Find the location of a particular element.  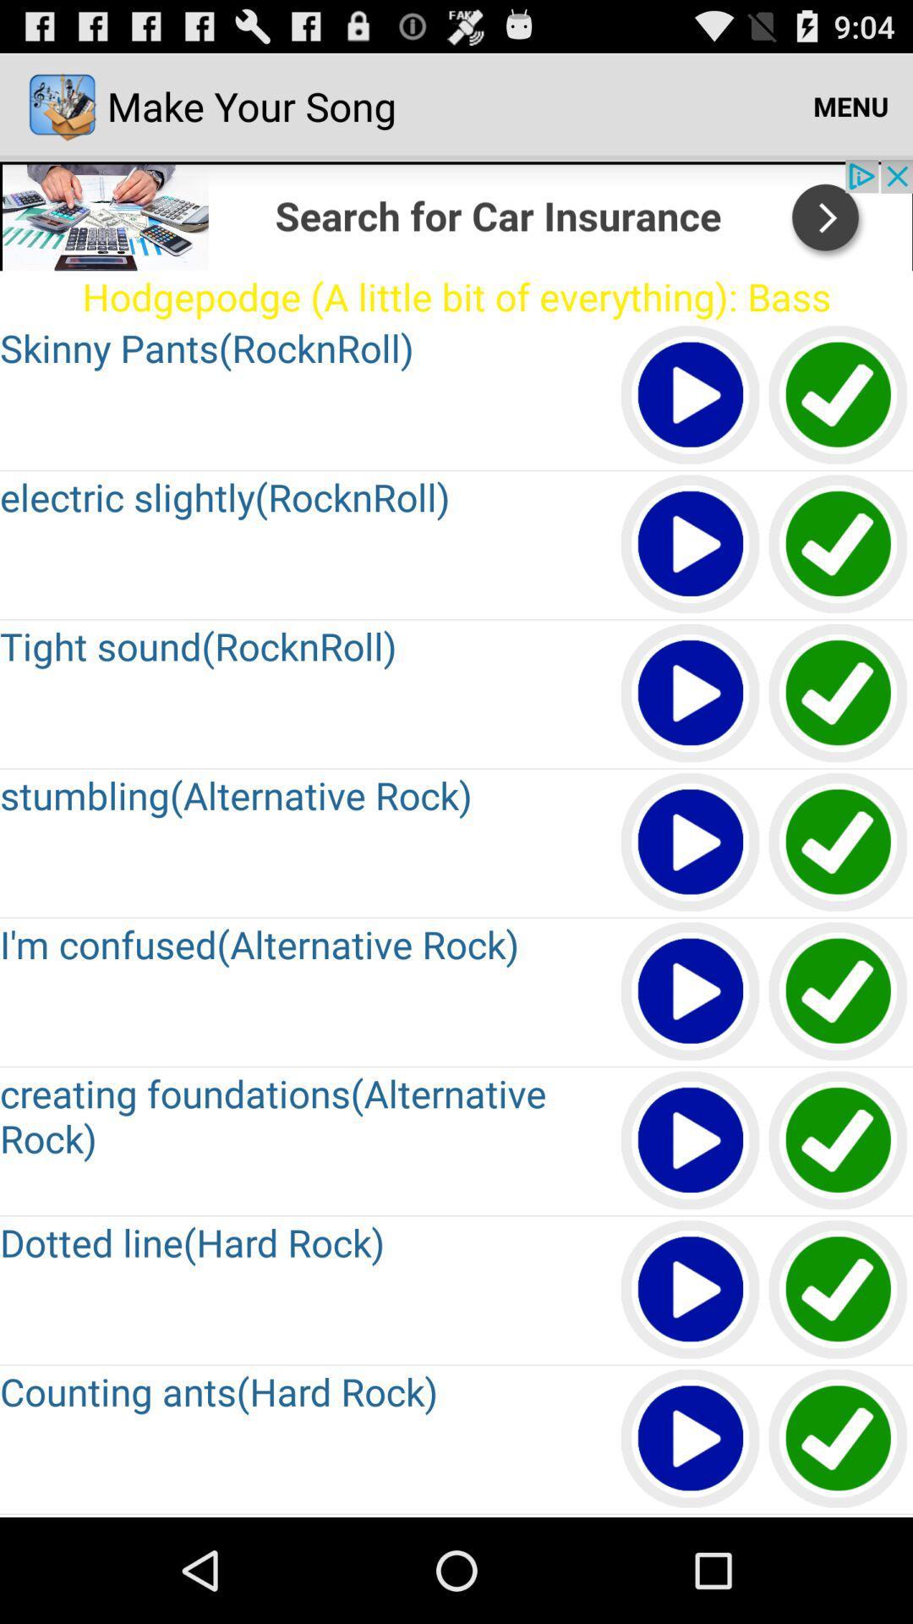

car insurance option is located at coordinates (839, 992).